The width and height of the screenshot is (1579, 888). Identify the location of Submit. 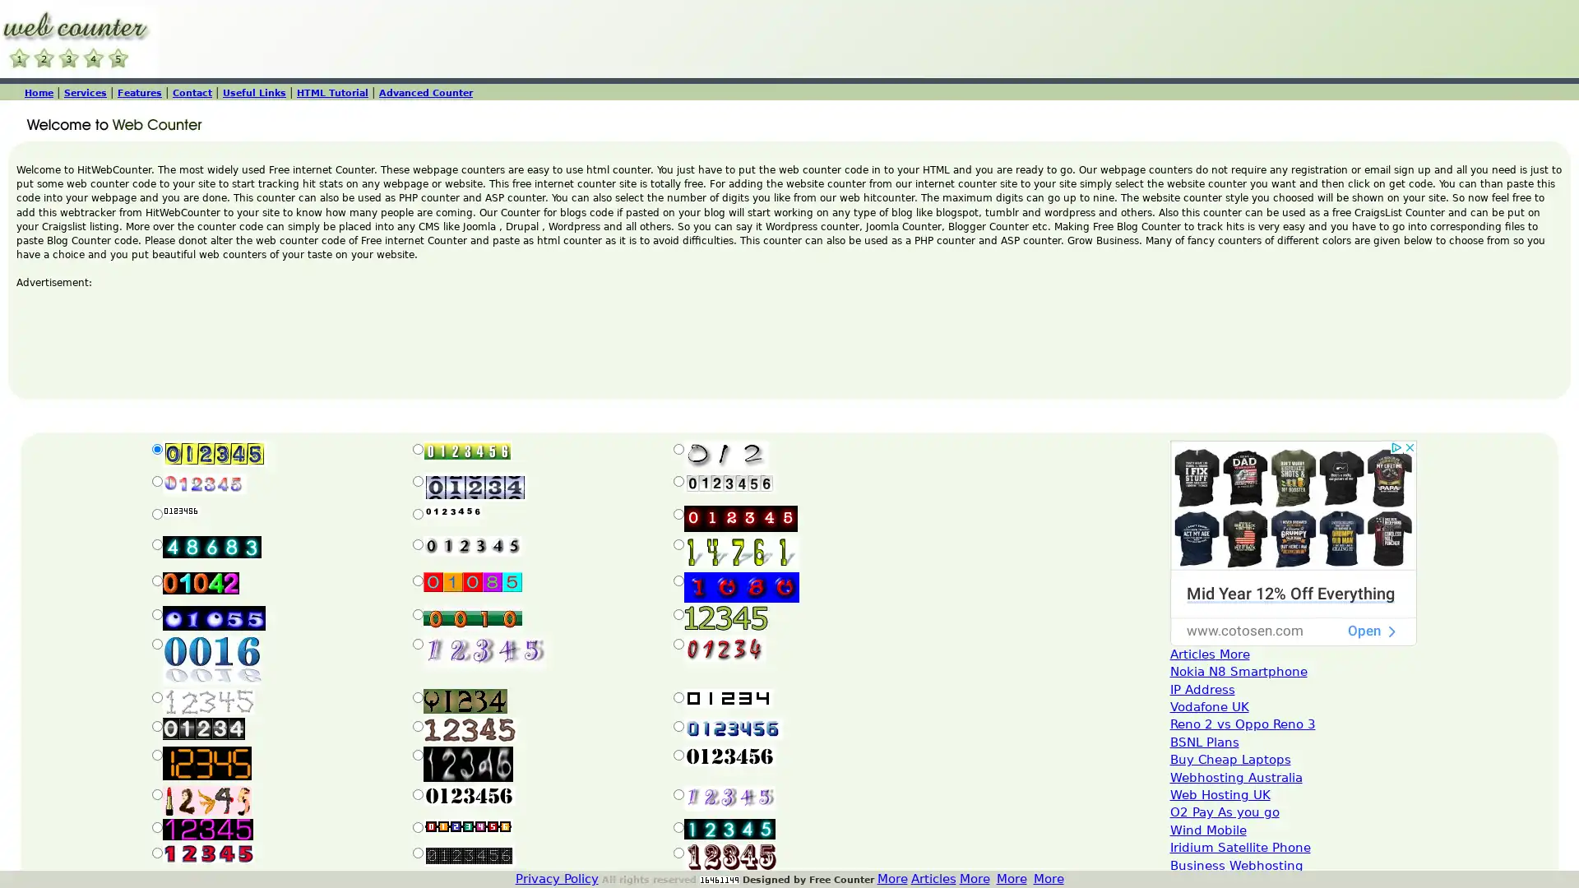
(465, 450).